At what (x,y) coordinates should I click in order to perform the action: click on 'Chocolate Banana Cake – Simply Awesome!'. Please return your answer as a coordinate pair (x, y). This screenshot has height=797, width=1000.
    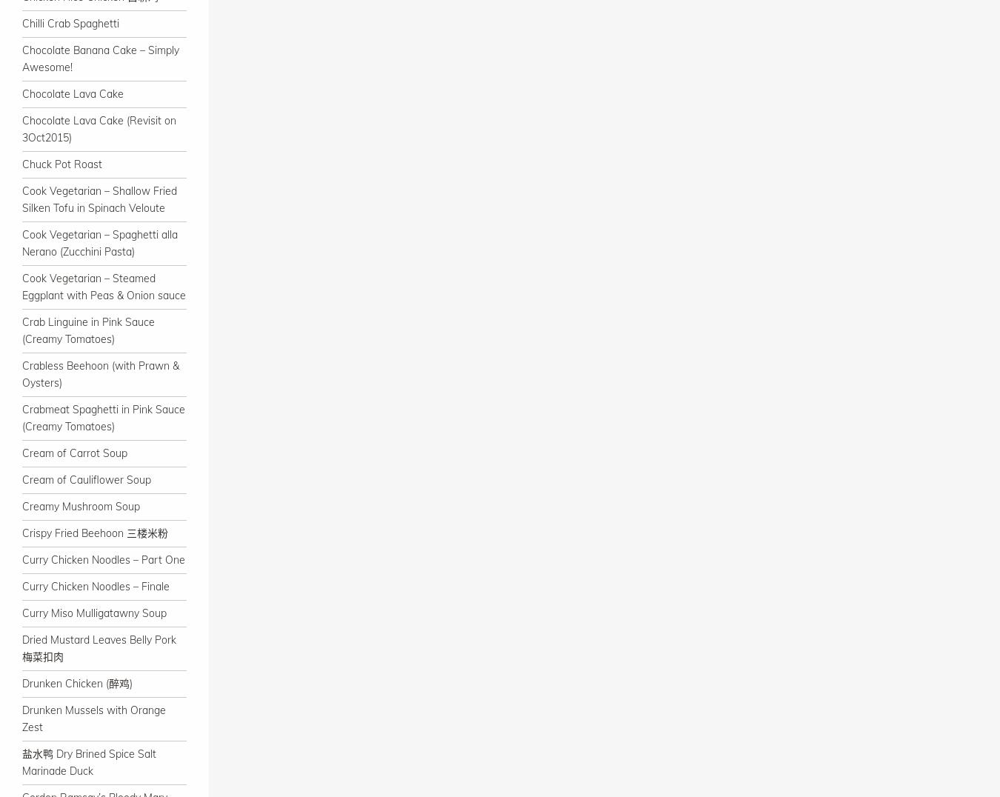
    Looking at the image, I should click on (100, 59).